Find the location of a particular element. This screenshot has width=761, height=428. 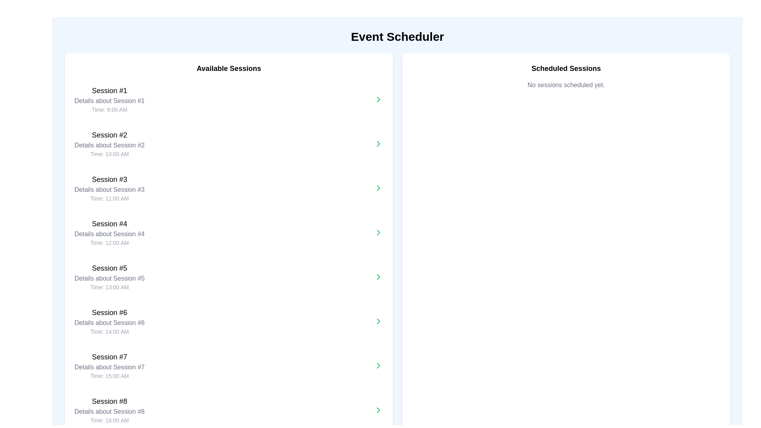

the right-pointing chevron icon, which is the sixth occurrence in the 'Available Sessions' section next to 'Session #6' is located at coordinates (378, 188).